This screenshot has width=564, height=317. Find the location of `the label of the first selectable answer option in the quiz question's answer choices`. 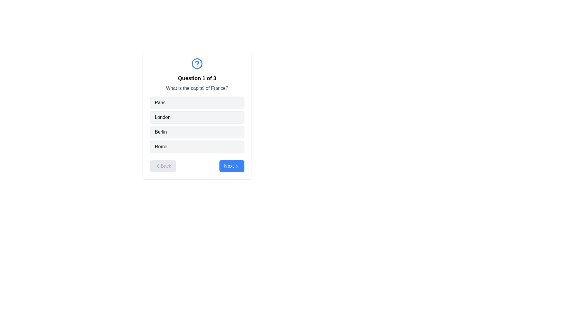

the label of the first selectable answer option in the quiz question's answer choices is located at coordinates (160, 102).